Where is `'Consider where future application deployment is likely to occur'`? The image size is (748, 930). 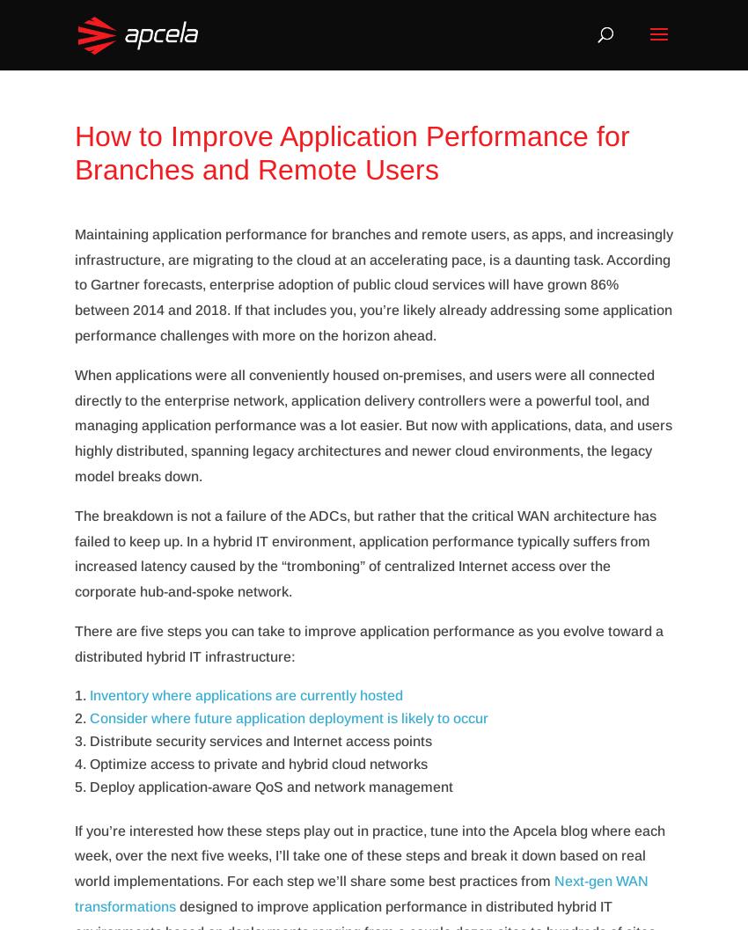 'Consider where future application deployment is likely to occur' is located at coordinates (289, 717).